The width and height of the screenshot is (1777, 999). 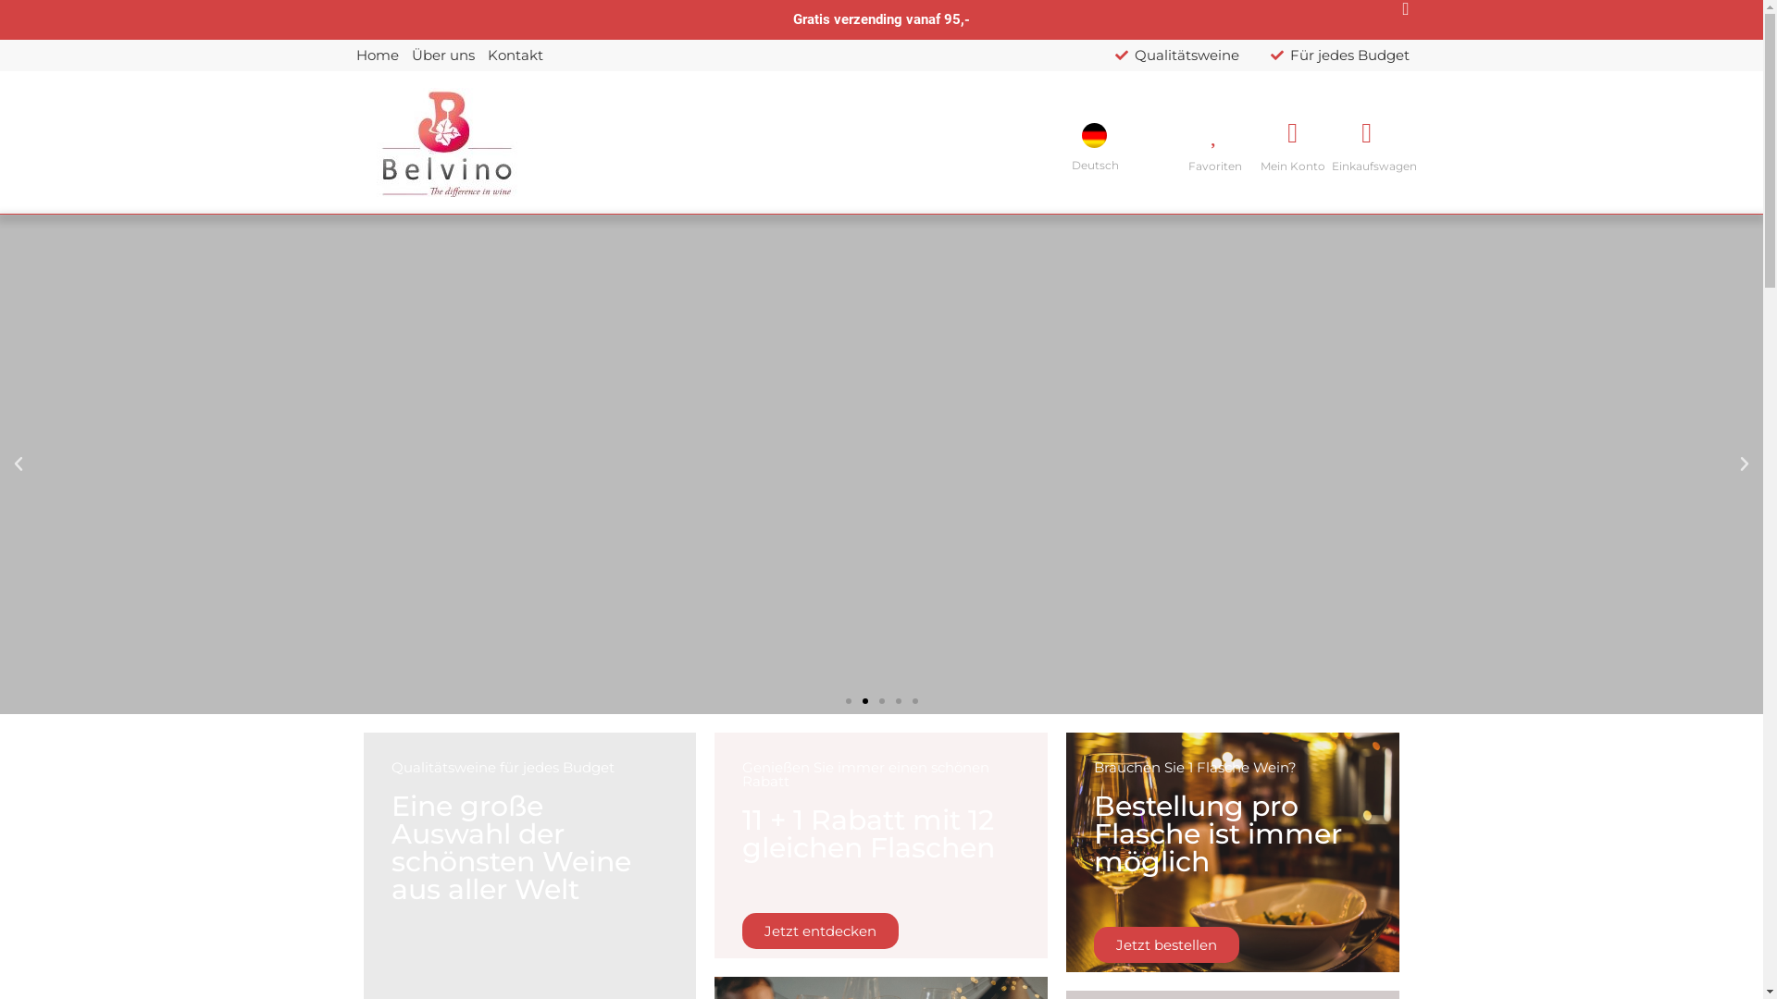 What do you see at coordinates (515, 55) in the screenshot?
I see `'Kontakt'` at bounding box center [515, 55].